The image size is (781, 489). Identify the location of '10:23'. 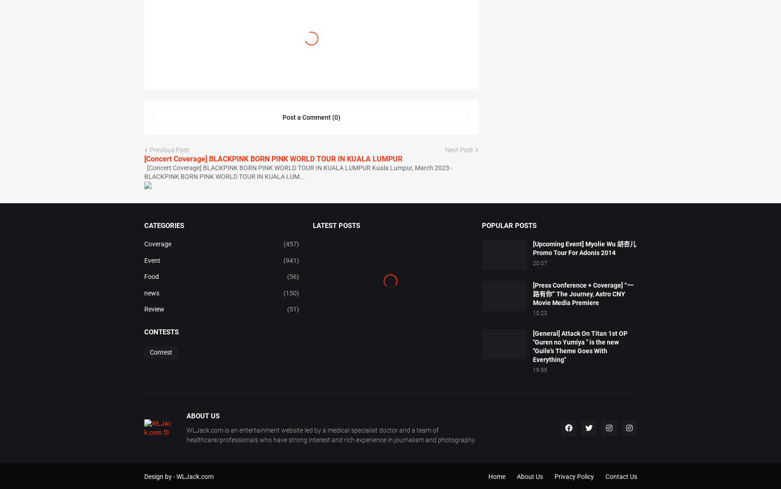
(539, 344).